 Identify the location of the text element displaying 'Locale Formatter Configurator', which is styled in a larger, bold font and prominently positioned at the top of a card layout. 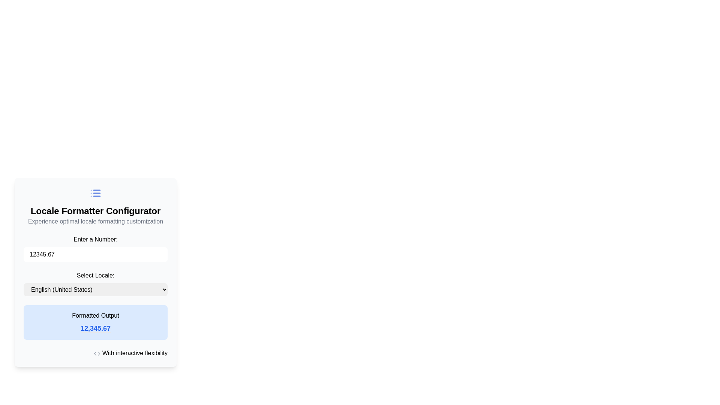
(95, 211).